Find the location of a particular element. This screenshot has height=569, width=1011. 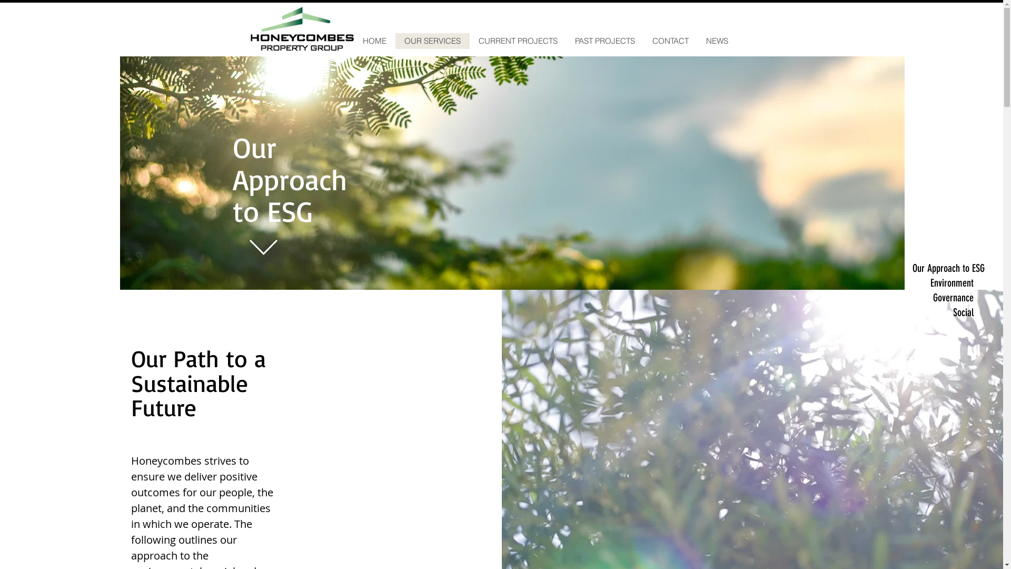

'NEWS' is located at coordinates (697, 40).